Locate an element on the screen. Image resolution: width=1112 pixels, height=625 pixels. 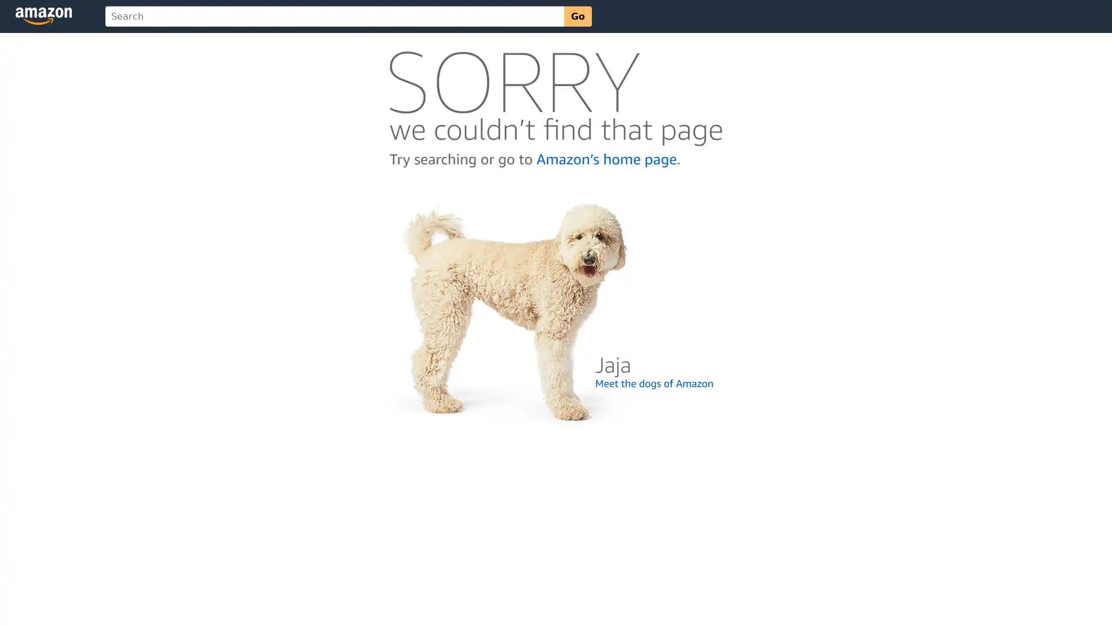
Go is located at coordinates (578, 16).